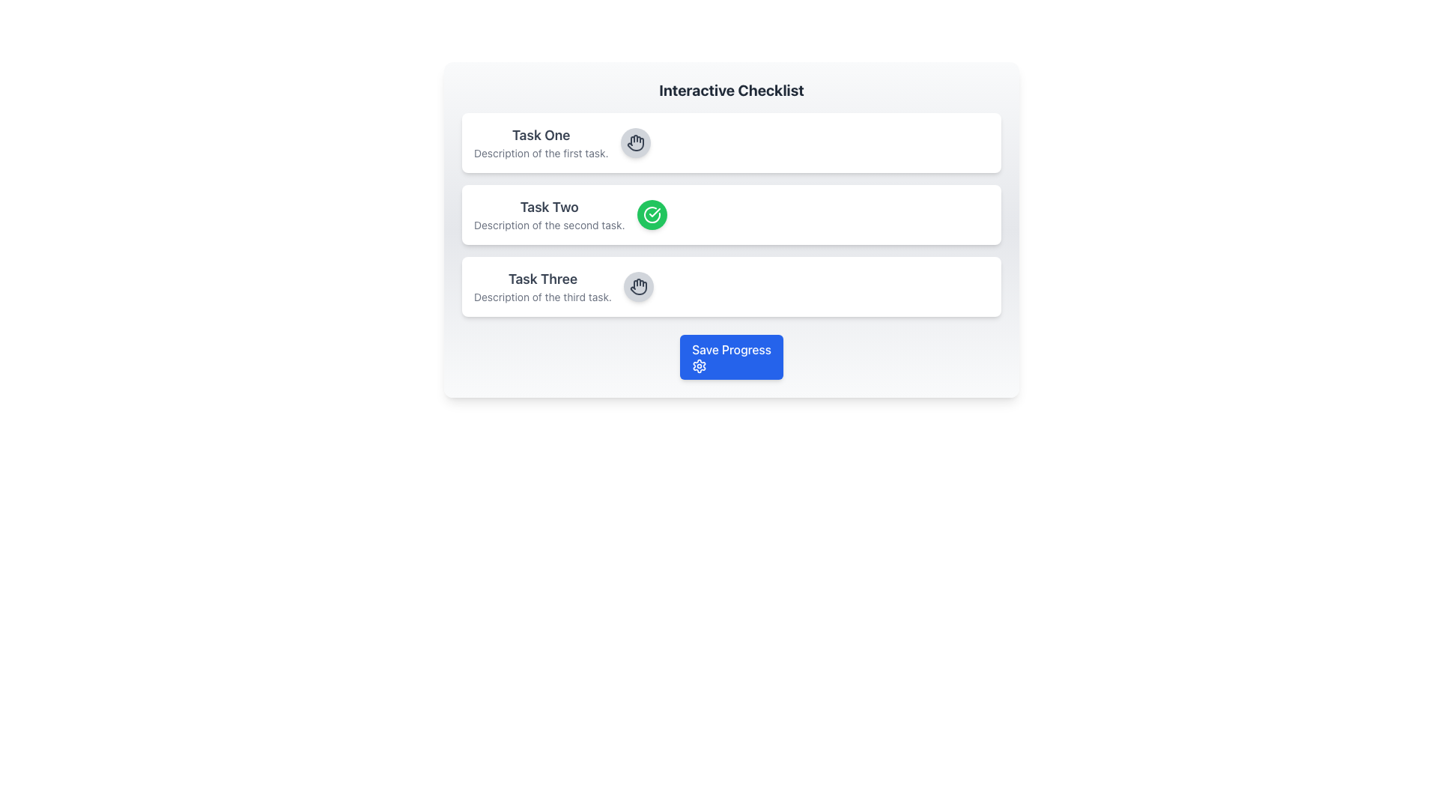 The image size is (1438, 809). I want to click on the Text Group that displays the title and description of the first task in the checklist, positioned at the top of the list above 'Task Two' and 'Task Three', so click(540, 143).